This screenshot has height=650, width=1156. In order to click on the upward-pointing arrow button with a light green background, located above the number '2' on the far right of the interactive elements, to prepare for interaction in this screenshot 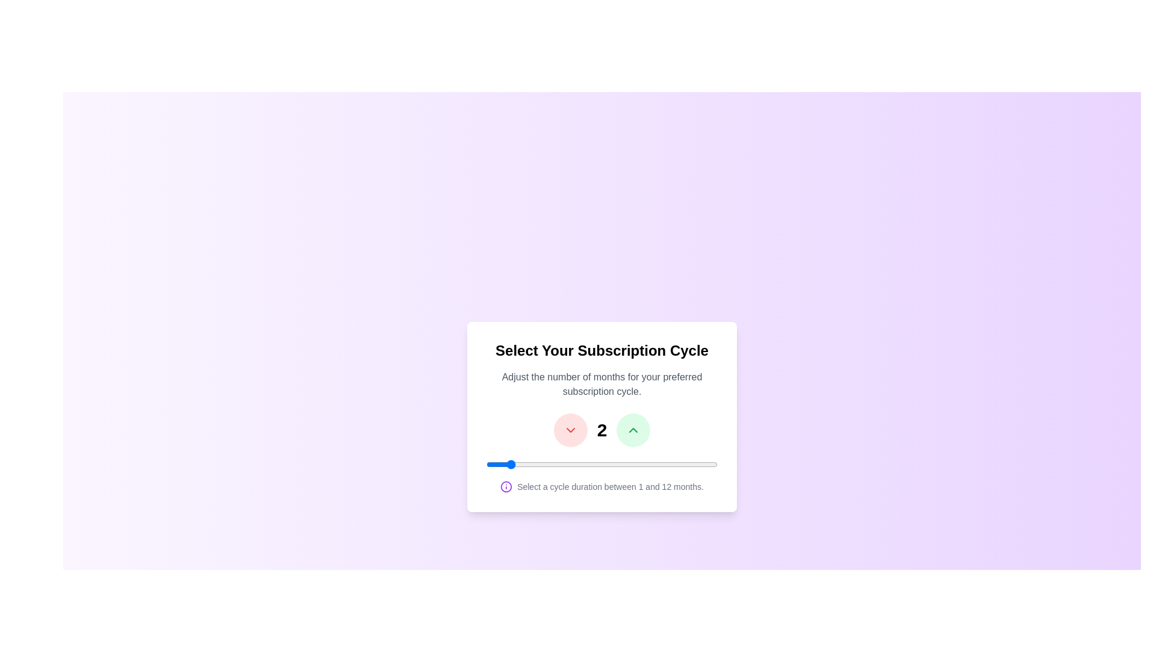, I will do `click(633, 429)`.